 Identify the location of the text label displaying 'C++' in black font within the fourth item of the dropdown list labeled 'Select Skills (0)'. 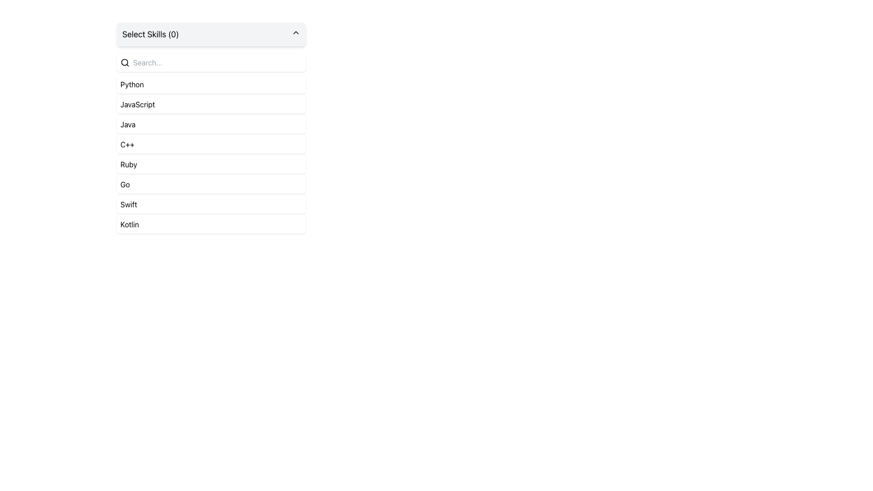
(127, 144).